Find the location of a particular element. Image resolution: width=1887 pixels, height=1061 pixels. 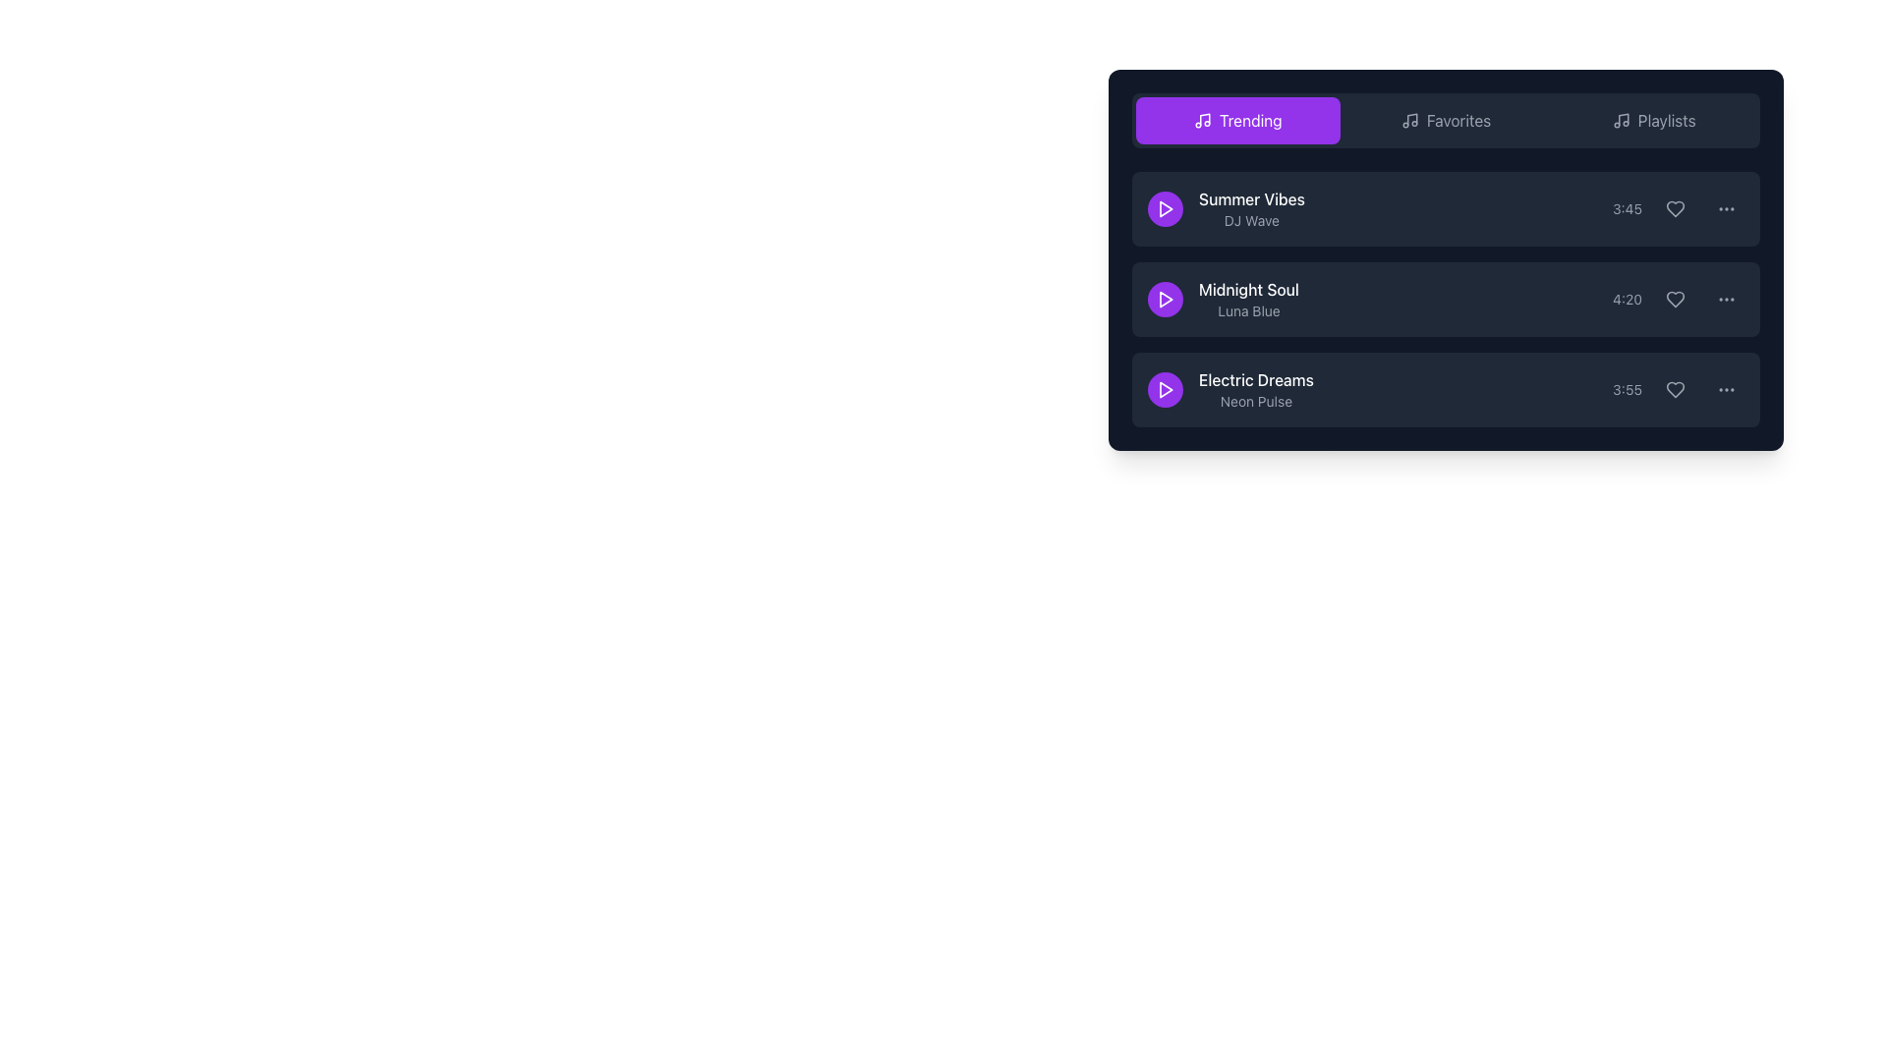

the heart-shaped icon located to the right of the time duration ('3:45') in the first list item of the vertically stacked list is located at coordinates (1678, 208).